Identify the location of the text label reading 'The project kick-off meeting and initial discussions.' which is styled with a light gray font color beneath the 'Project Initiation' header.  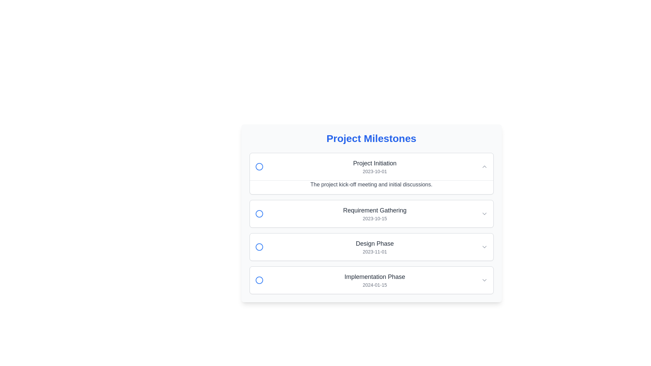
(371, 187).